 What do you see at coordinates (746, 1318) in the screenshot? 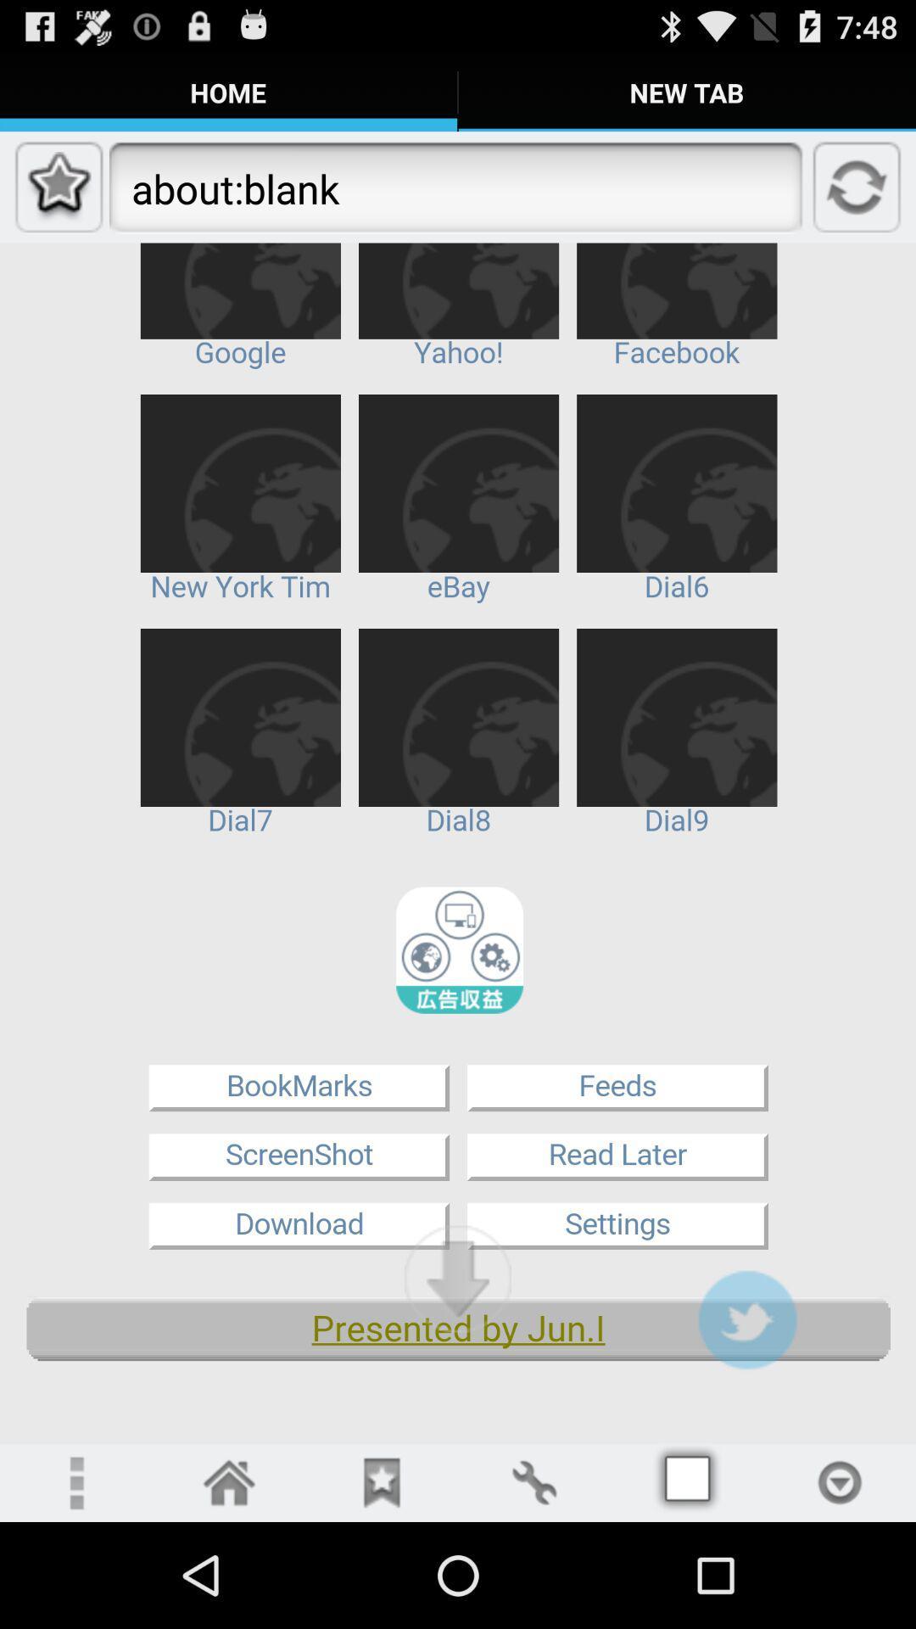
I see `twitter of image` at bounding box center [746, 1318].